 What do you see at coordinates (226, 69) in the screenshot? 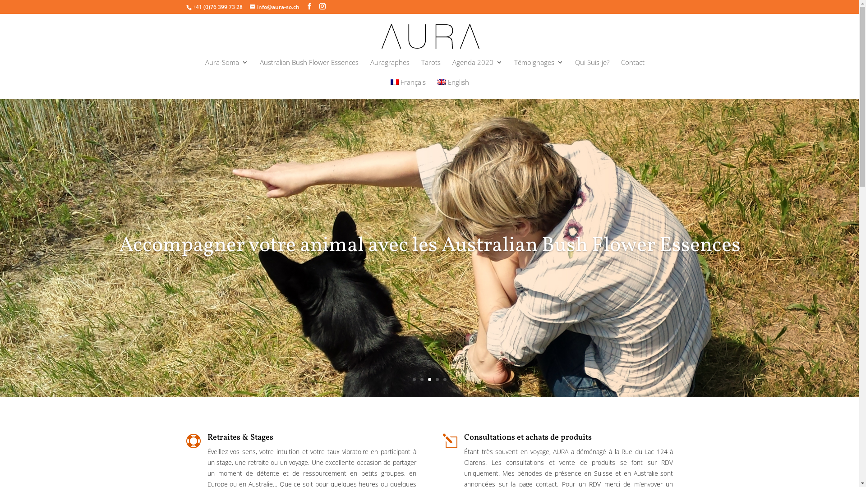
I see `'Aura-Soma'` at bounding box center [226, 69].